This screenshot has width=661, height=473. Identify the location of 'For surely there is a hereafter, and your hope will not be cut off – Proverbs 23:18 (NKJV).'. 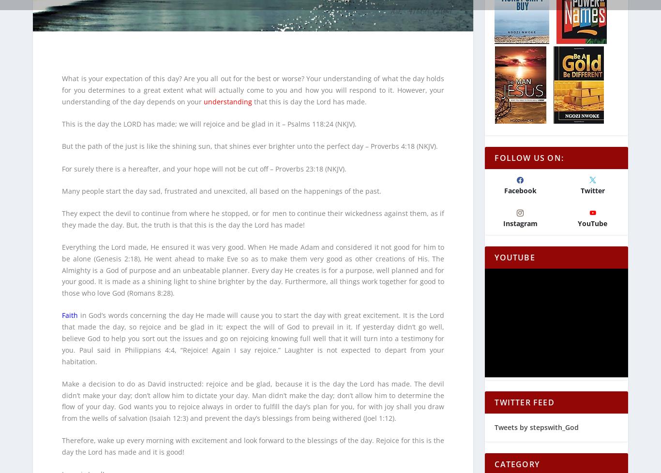
(61, 162).